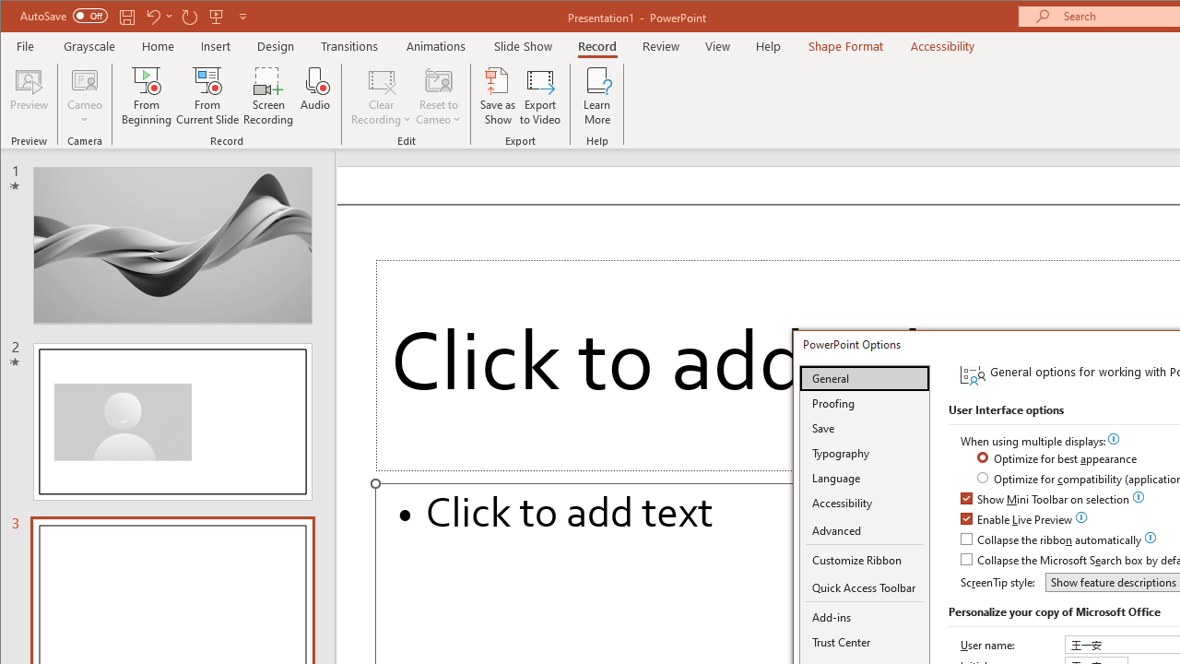 The width and height of the screenshot is (1180, 664). I want to click on 'Learn More', so click(597, 96).